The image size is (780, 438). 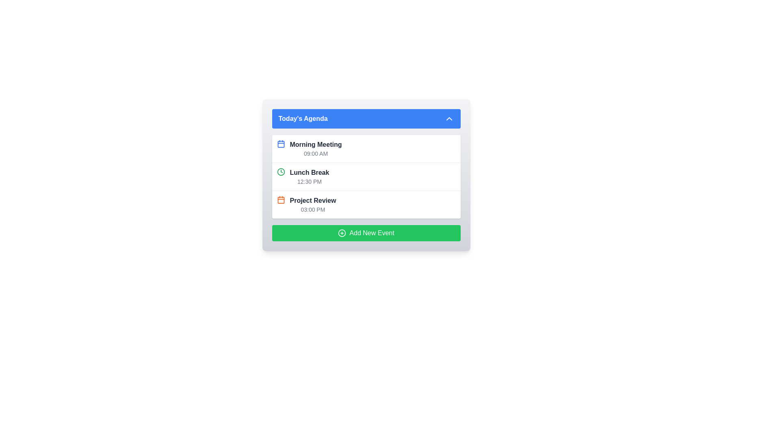 I want to click on the decorative rounded rectangular shape of the calendar icon that denotes an event-related item, which is positioned above the text 'Morning Meeting 09:00 AM', so click(x=281, y=144).